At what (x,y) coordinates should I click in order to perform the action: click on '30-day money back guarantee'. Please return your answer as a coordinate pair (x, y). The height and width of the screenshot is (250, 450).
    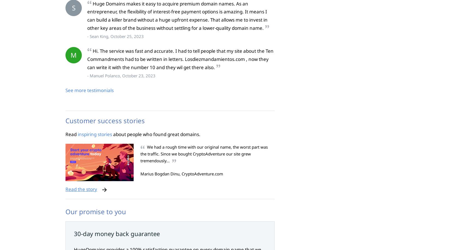
    Looking at the image, I should click on (116, 233).